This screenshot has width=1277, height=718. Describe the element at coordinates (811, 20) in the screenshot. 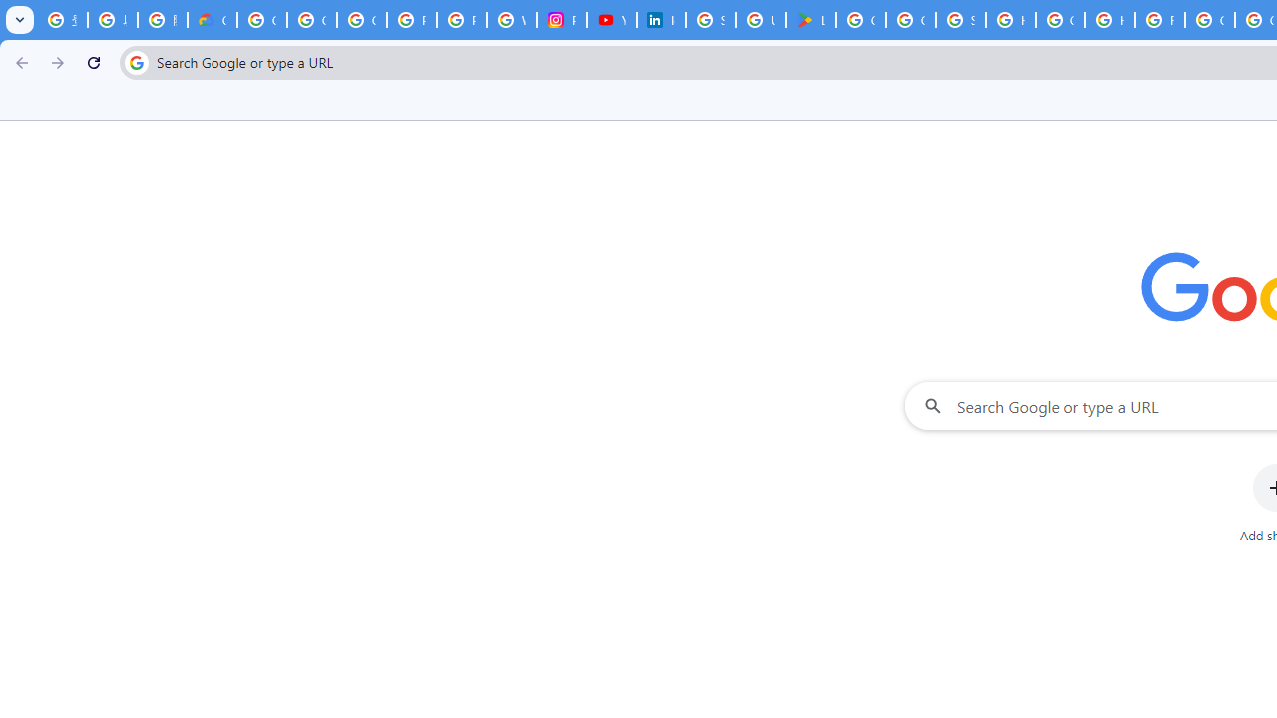

I see `'Last Shelter: Survival - Apps on Google Play'` at that location.